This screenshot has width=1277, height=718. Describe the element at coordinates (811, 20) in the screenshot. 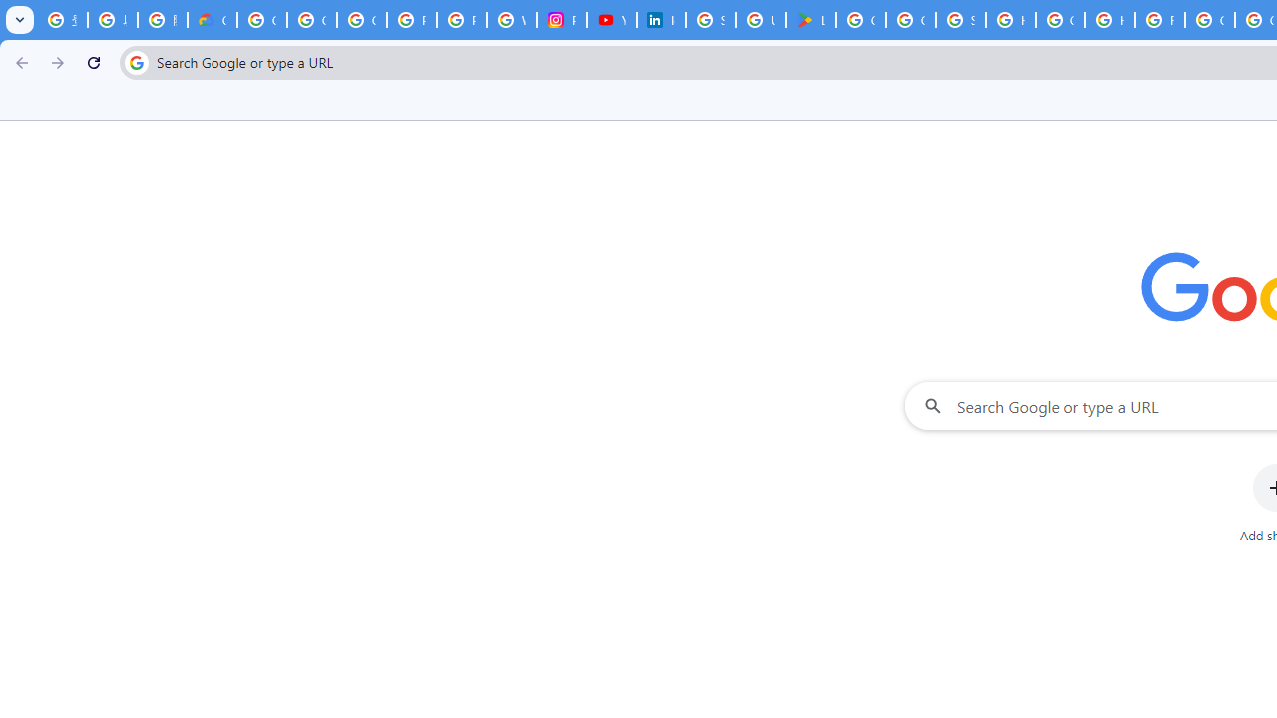

I see `'Last Shelter: Survival - Apps on Google Play'` at that location.